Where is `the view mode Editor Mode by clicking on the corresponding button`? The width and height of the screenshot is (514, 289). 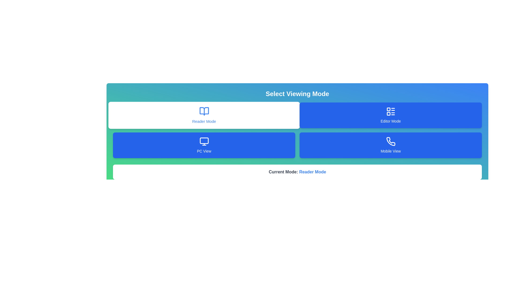 the view mode Editor Mode by clicking on the corresponding button is located at coordinates (391, 115).